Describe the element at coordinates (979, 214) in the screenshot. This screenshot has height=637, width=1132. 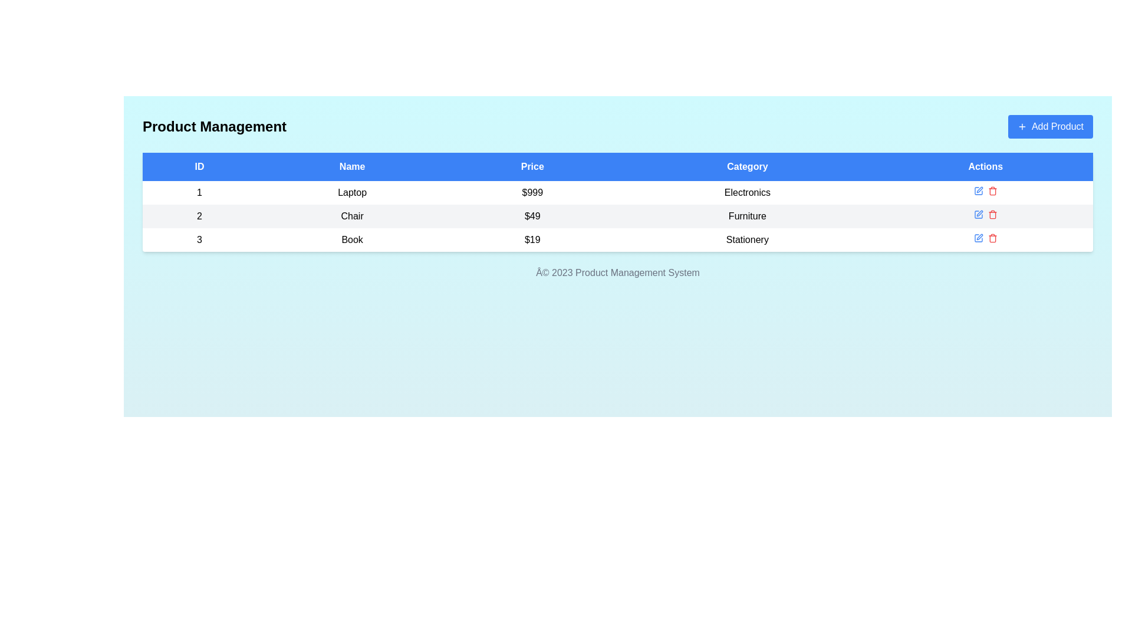
I see `the 'Edit' icon located in the 'Actions' column of the second row of the table to initiate editing for the corresponding item` at that location.